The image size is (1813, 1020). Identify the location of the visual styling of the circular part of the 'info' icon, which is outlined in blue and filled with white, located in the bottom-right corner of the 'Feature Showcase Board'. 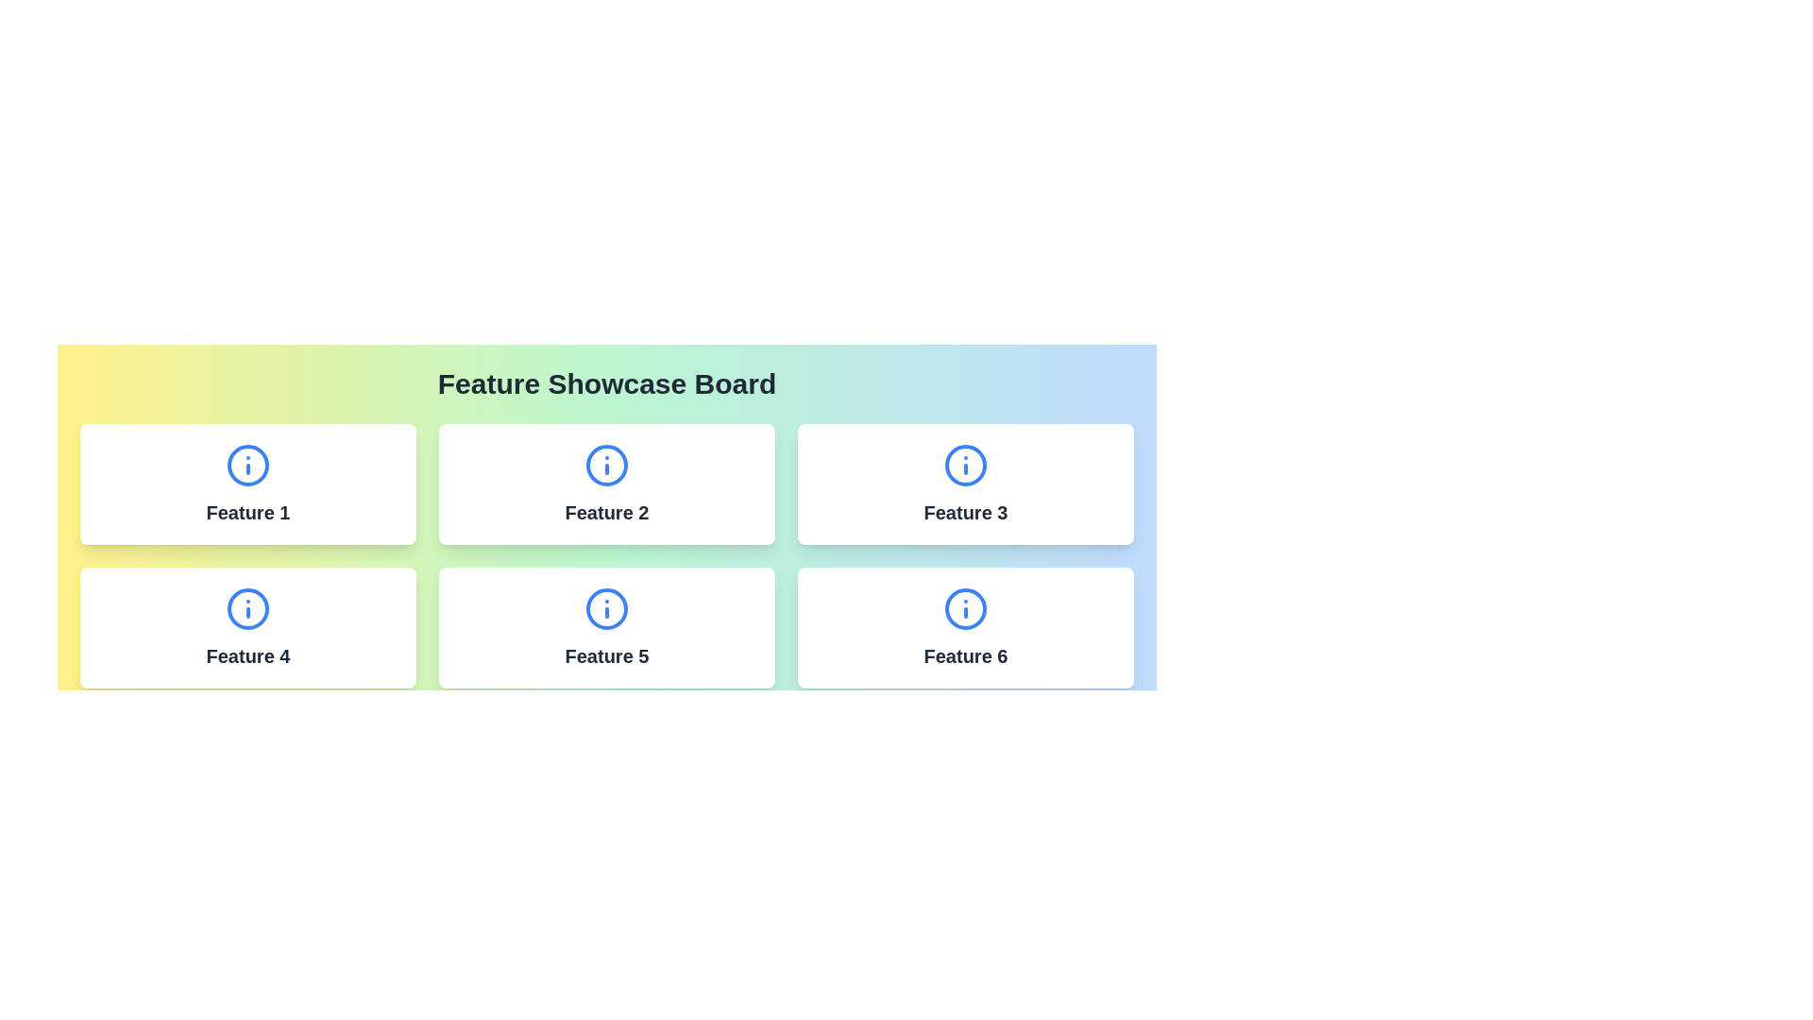
(965, 608).